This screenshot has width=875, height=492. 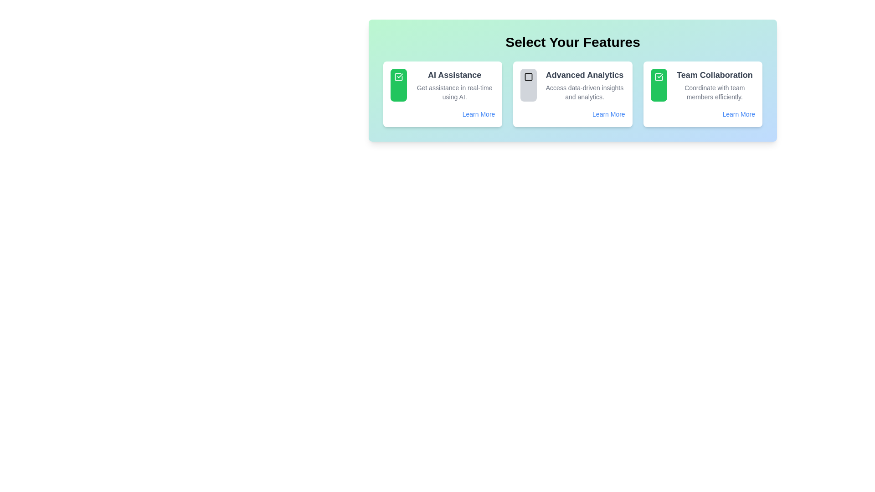 I want to click on the 'Advanced Analytics' text label, which is a bold, dark-gray font situated at the top of the second feature card in a horizontal sequence of three cards, so click(x=584, y=75).